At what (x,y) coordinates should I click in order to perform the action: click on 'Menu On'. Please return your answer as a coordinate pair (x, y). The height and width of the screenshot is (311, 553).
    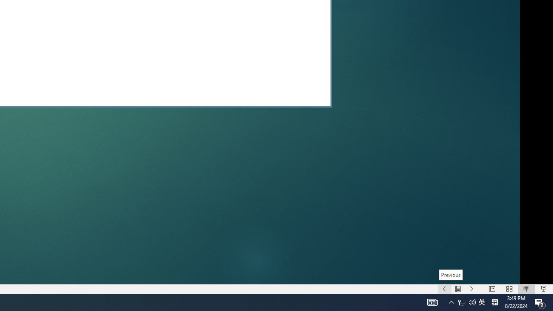
    Looking at the image, I should click on (458, 289).